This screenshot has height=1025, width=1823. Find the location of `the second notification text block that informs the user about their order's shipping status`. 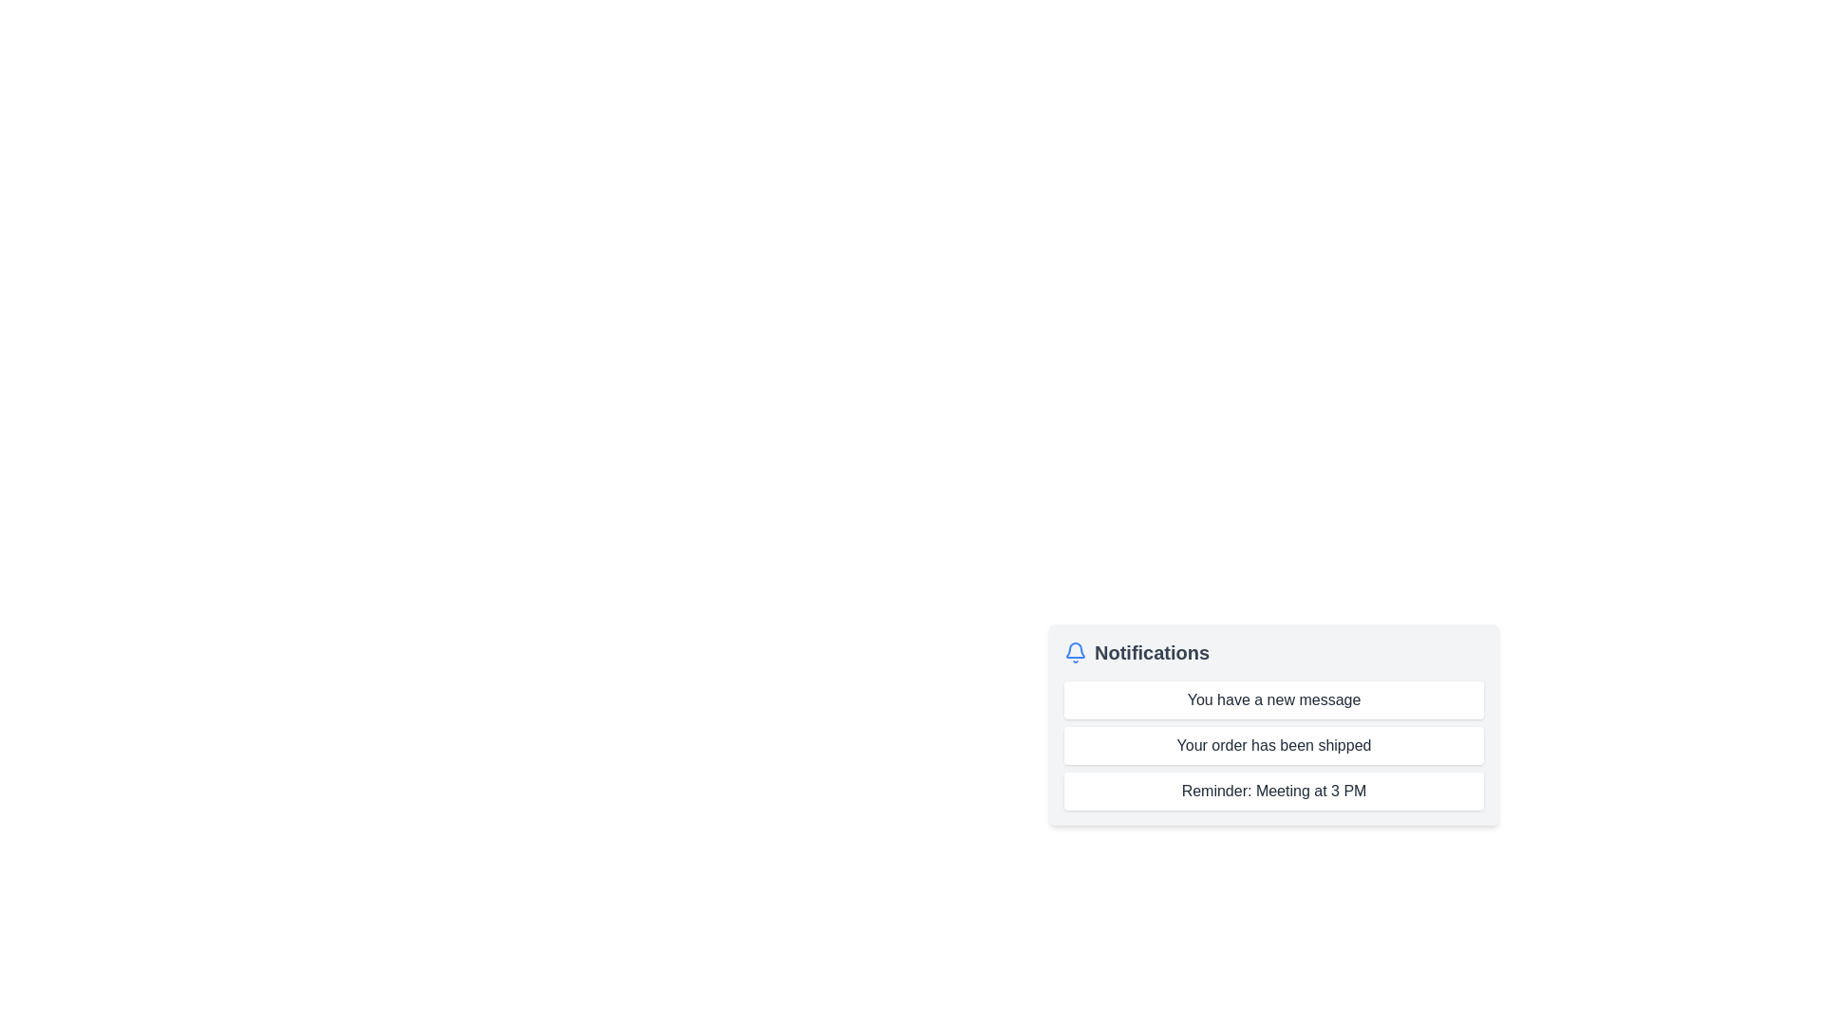

the second notification text block that informs the user about their order's shipping status is located at coordinates (1274, 745).